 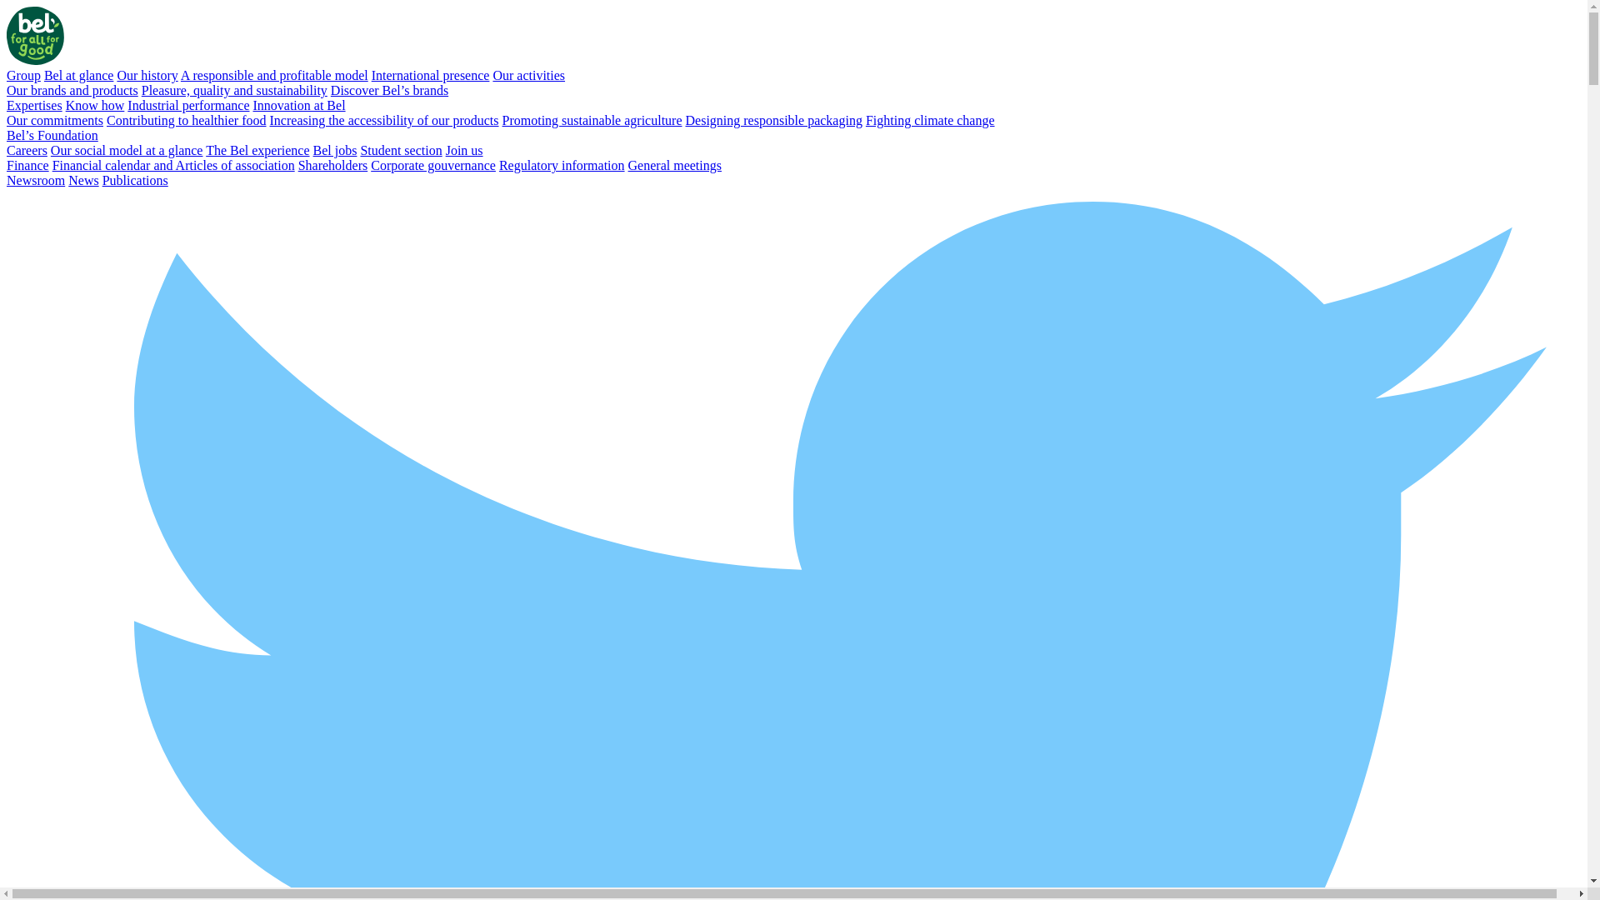 I want to click on 'Regulatory information', so click(x=562, y=165).